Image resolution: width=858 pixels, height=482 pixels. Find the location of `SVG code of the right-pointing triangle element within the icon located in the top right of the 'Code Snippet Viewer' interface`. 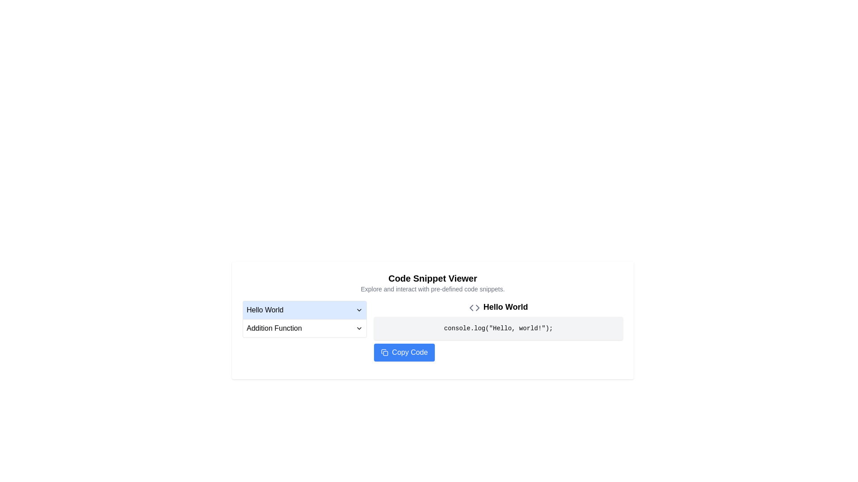

SVG code of the right-pointing triangle element within the icon located in the top right of the 'Code Snippet Viewer' interface is located at coordinates (477, 307).